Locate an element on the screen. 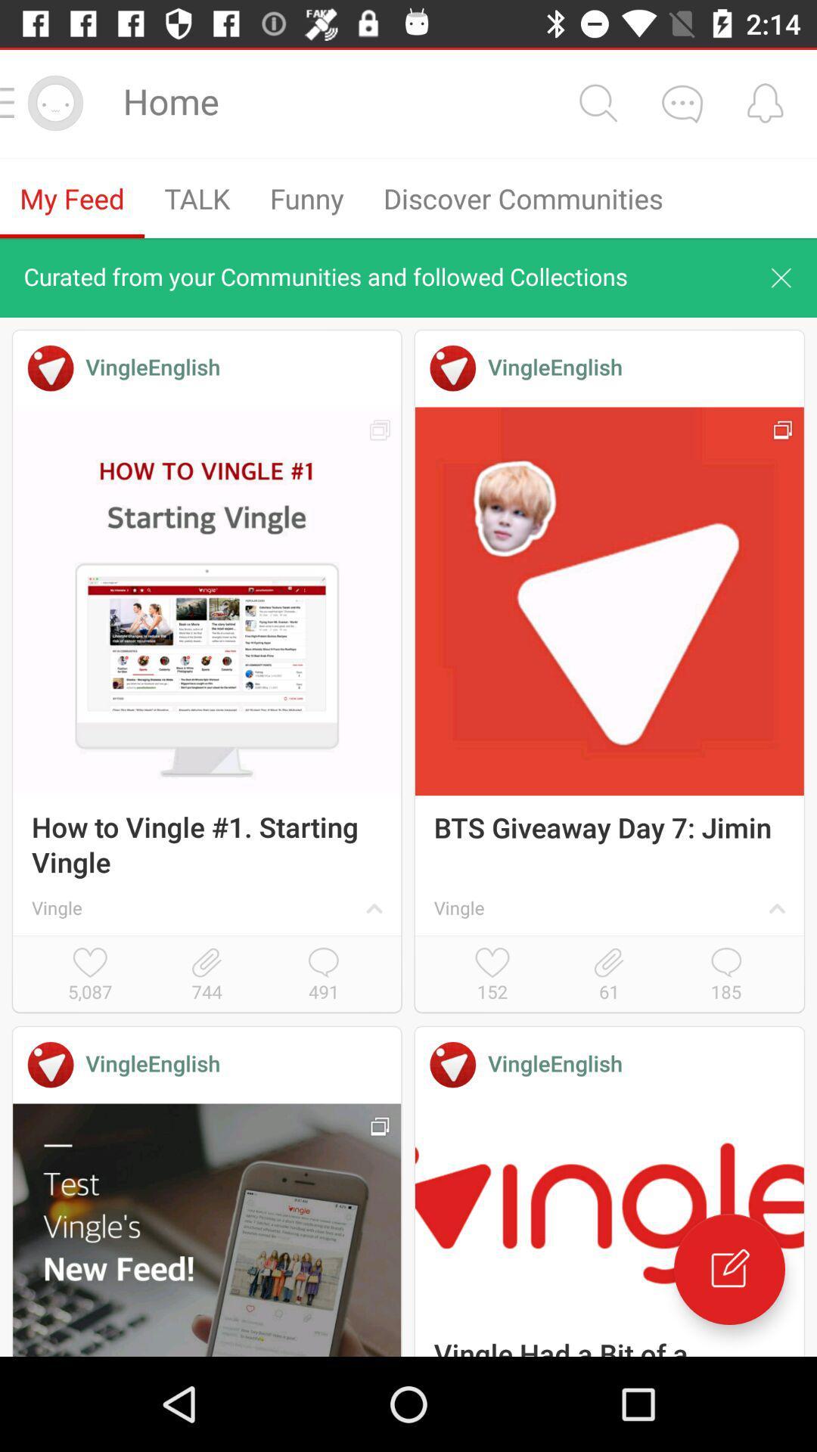 This screenshot has width=817, height=1452. icon below the vingle is located at coordinates (725, 976).